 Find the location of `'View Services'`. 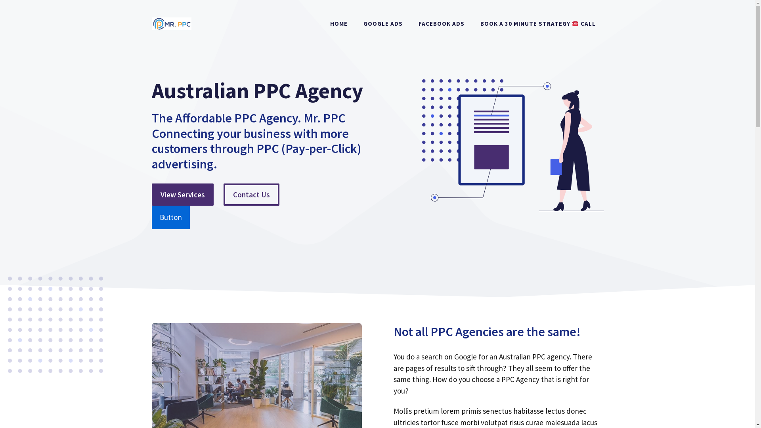

'View Services' is located at coordinates (182, 195).